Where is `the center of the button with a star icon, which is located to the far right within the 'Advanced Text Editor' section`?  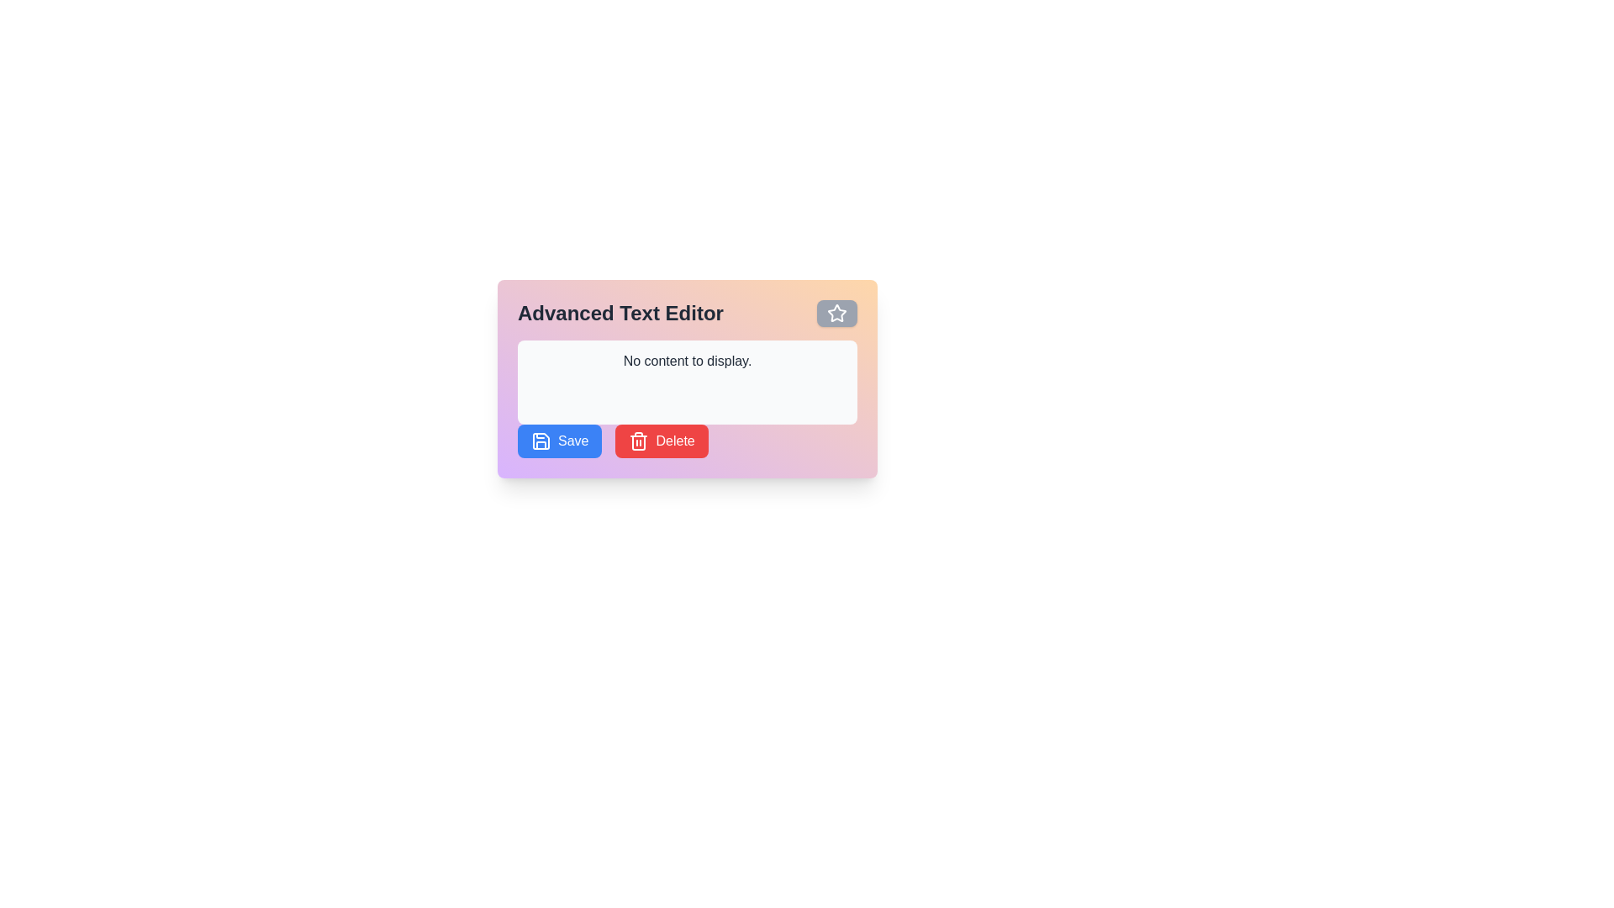
the center of the button with a star icon, which is located to the far right within the 'Advanced Text Editor' section is located at coordinates (837, 314).